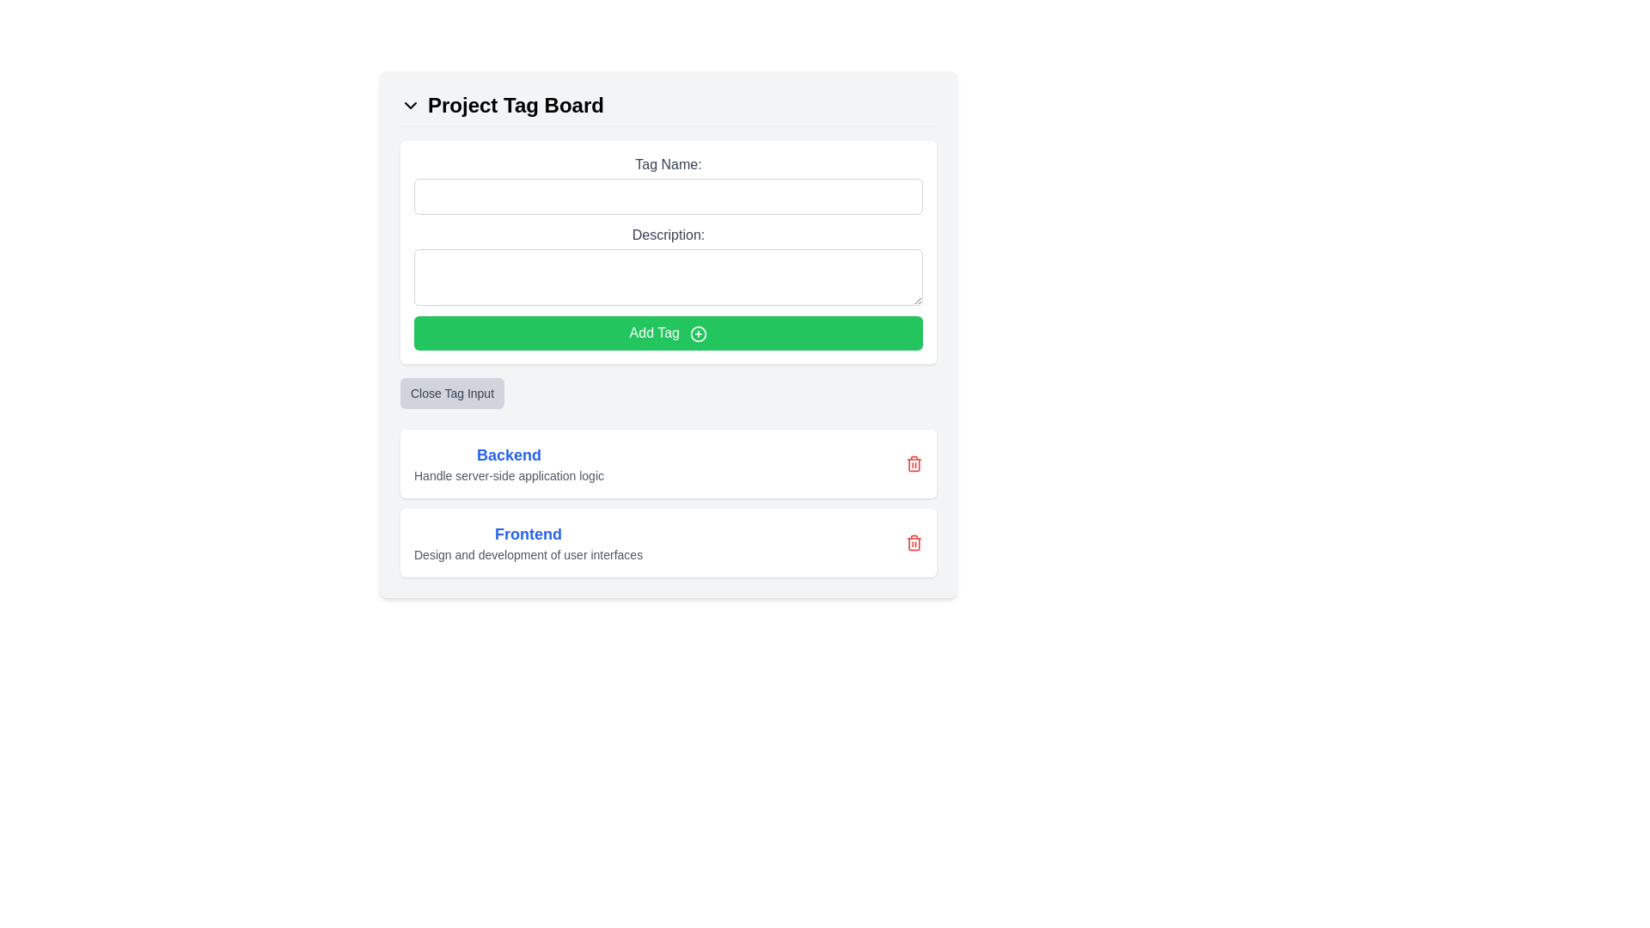 The image size is (1650, 928). Describe the element at coordinates (508, 476) in the screenshot. I see `the text 'Handle server-side application logic' manually for copying, which is a small gray text label located below the blue title 'Backend'` at that location.